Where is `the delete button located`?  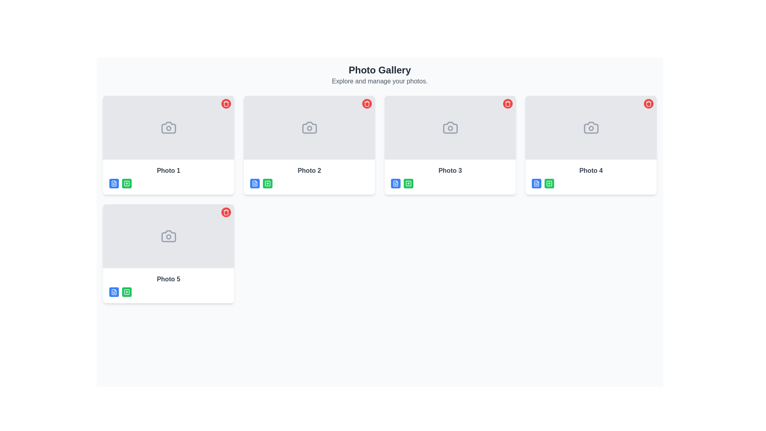
the delete button located is located at coordinates (225, 212).